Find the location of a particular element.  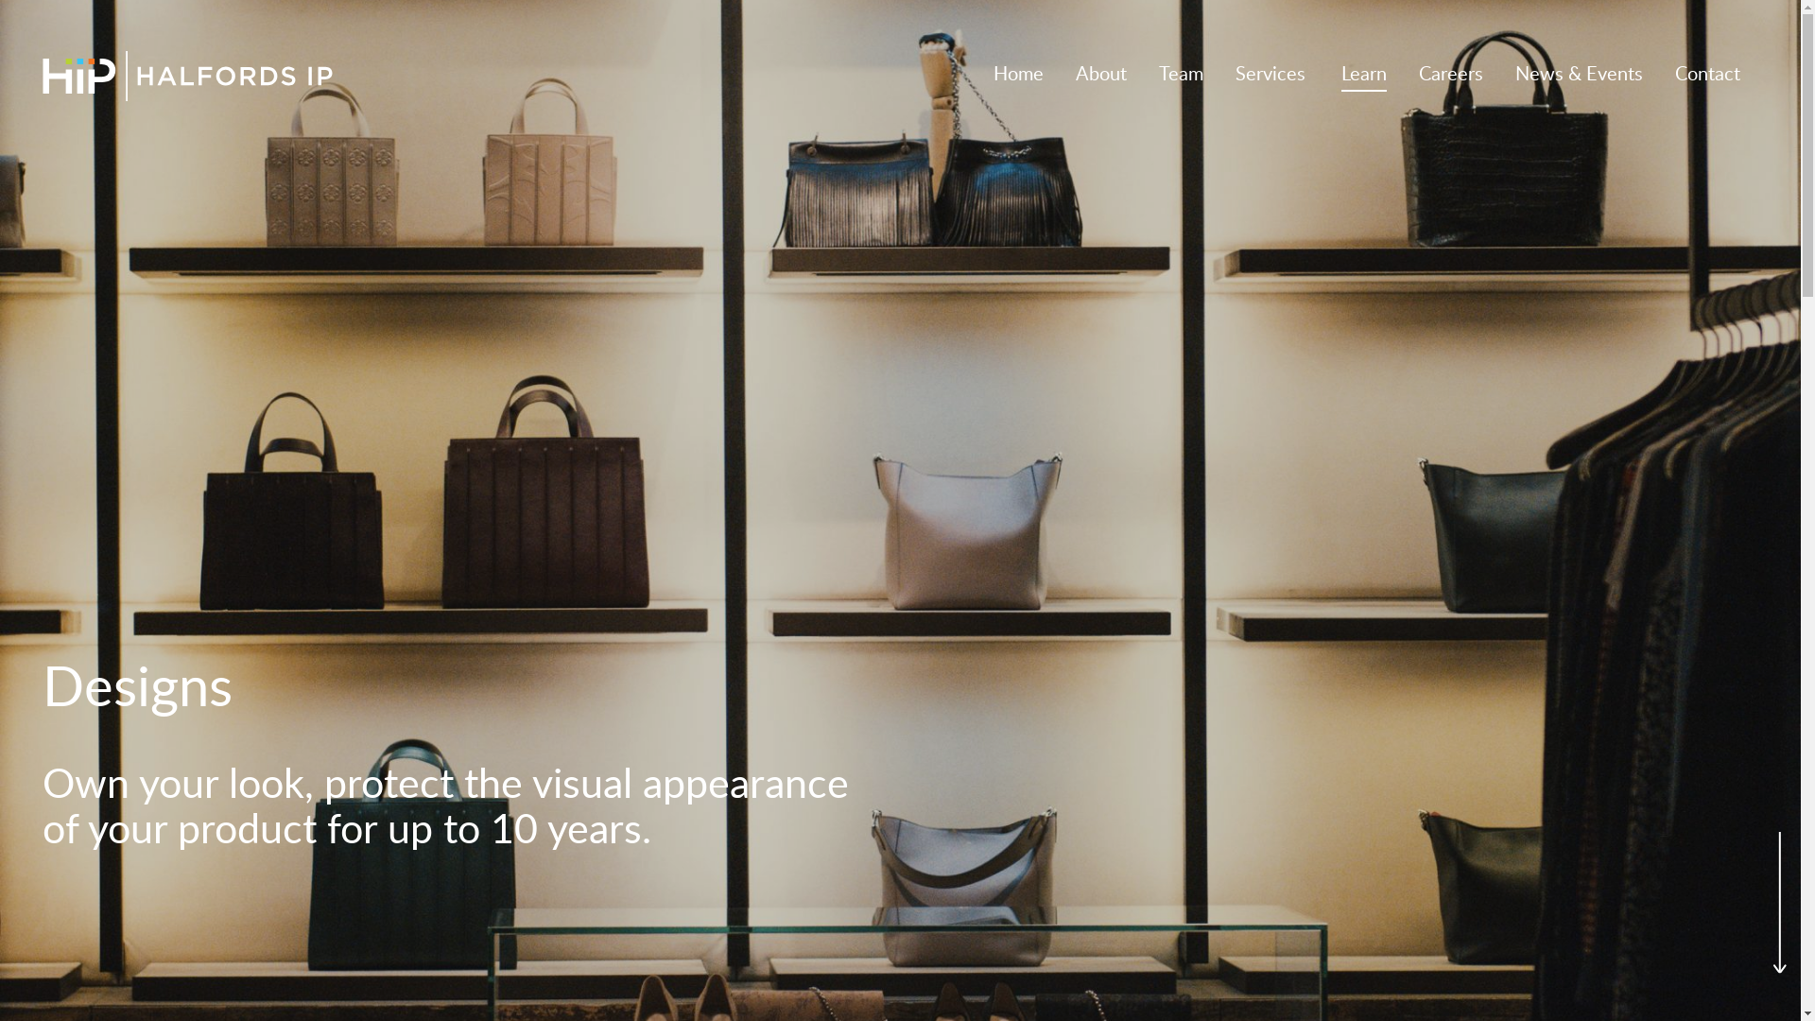

'Contact' is located at coordinates (1707, 75).